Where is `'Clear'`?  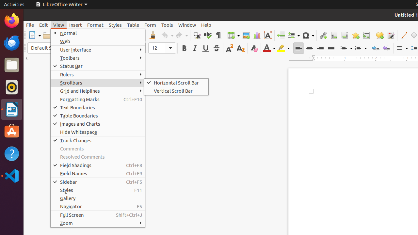 'Clear' is located at coordinates (253, 48).